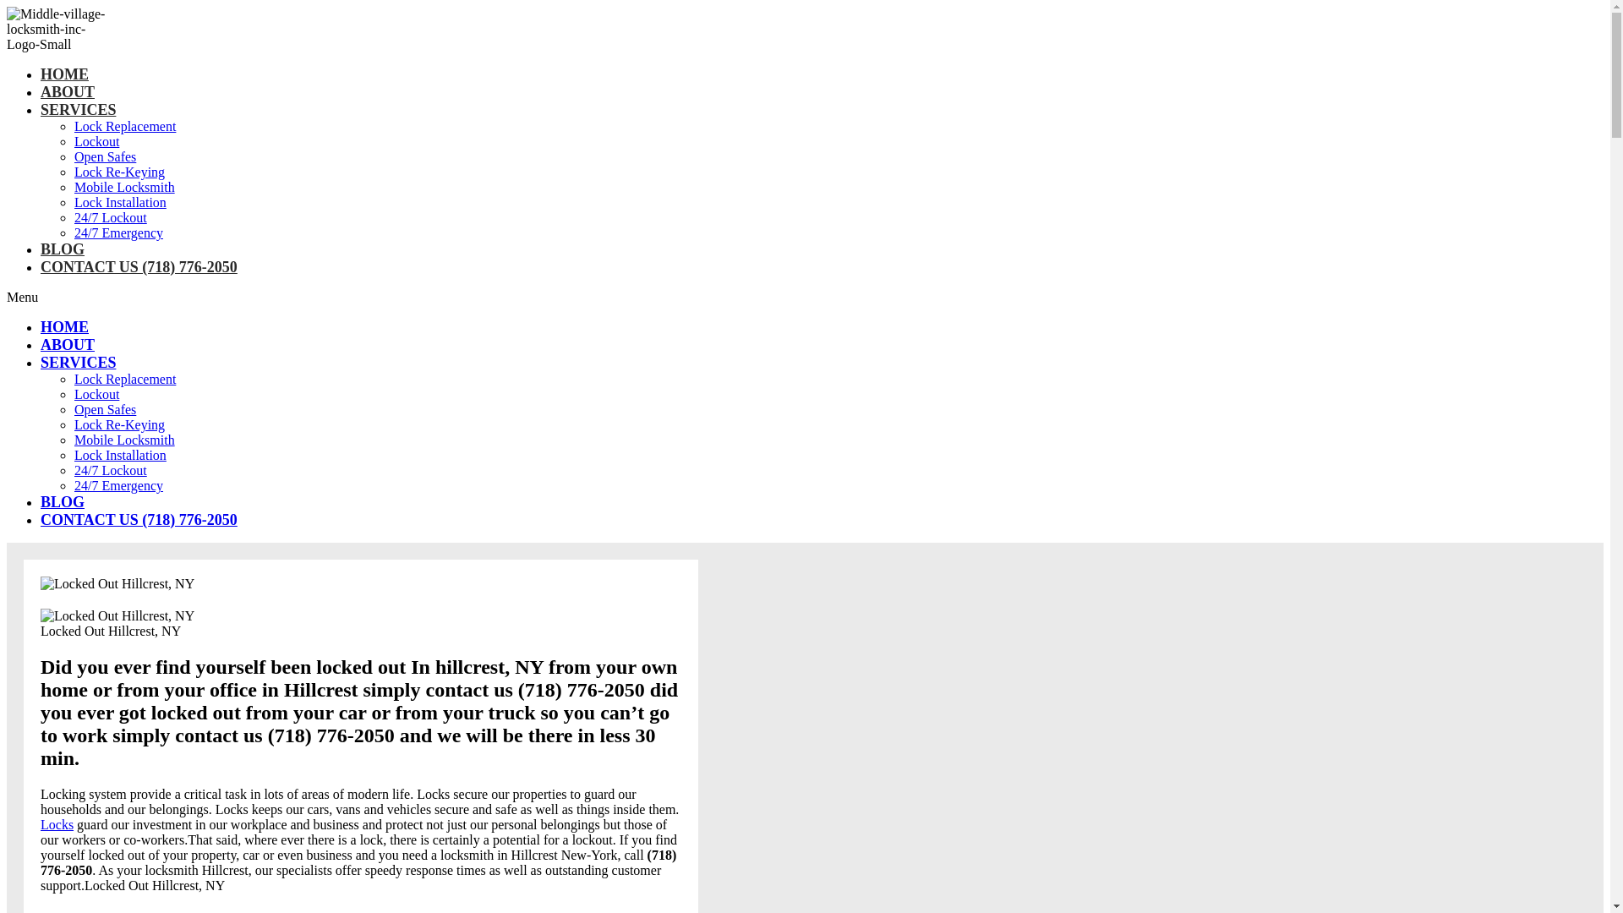 This screenshot has height=913, width=1623. What do you see at coordinates (77, 361) in the screenshot?
I see `'SERVICES'` at bounding box center [77, 361].